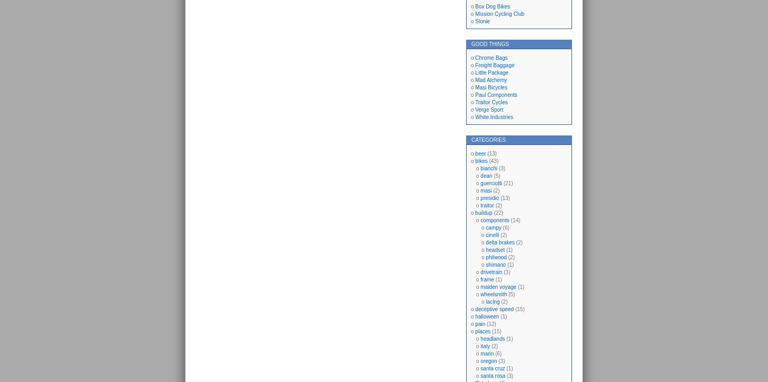 The width and height of the screenshot is (768, 382). Describe the element at coordinates (493, 227) in the screenshot. I see `'campy'` at that location.